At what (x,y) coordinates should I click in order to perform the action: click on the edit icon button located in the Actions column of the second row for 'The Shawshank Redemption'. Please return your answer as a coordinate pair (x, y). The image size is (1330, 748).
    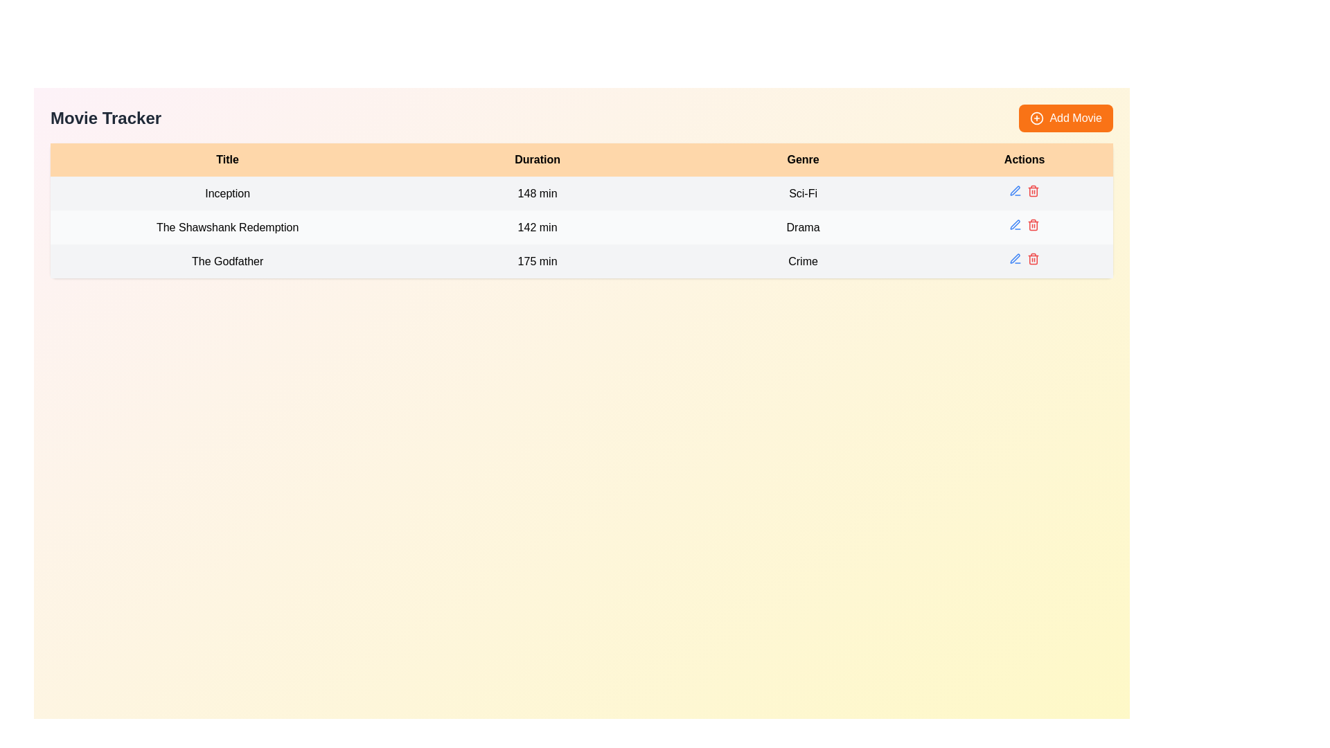
    Looking at the image, I should click on (1015, 224).